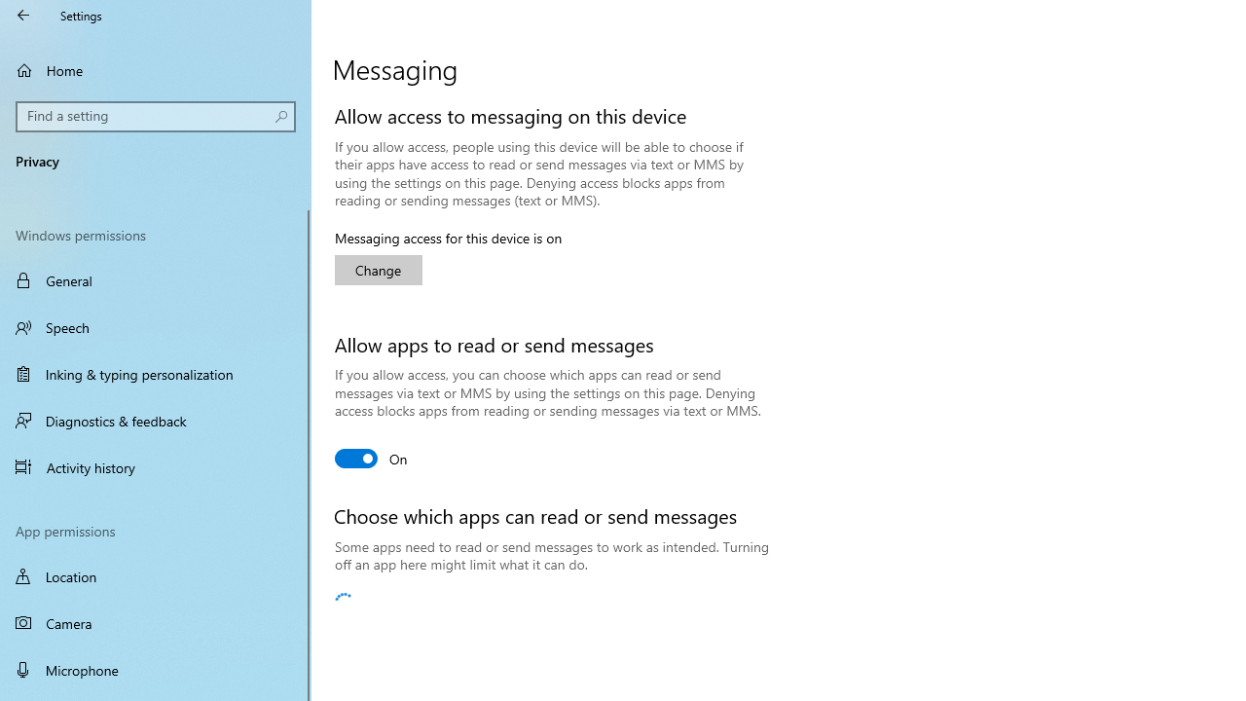 This screenshot has height=701, width=1246. I want to click on 'Speech', so click(156, 325).